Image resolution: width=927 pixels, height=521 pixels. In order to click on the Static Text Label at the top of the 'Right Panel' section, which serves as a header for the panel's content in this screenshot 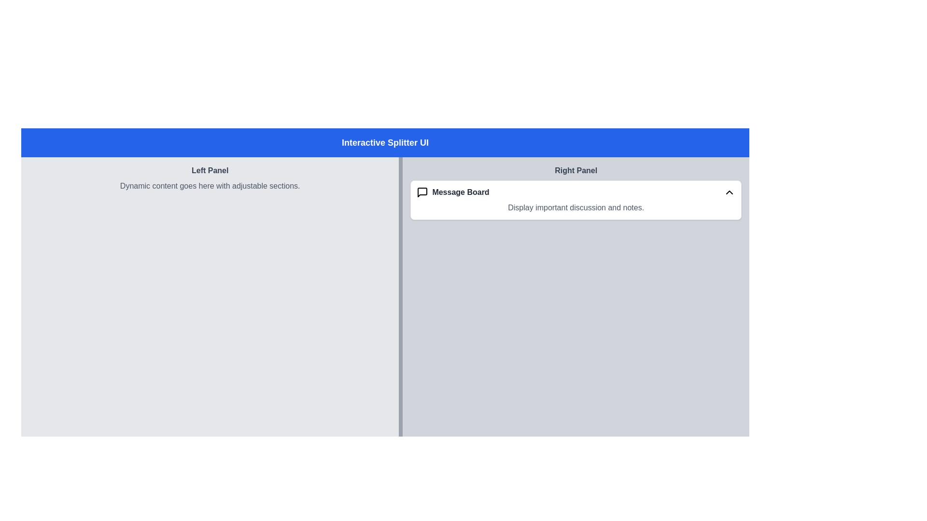, I will do `click(576, 170)`.